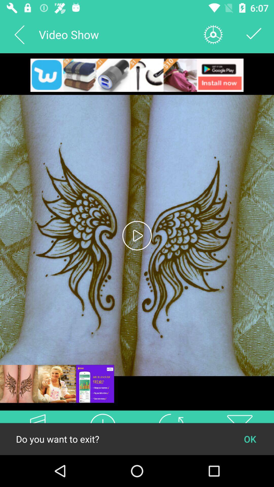 This screenshot has height=487, width=274. Describe the element at coordinates (137, 235) in the screenshot. I see `the play icon` at that location.